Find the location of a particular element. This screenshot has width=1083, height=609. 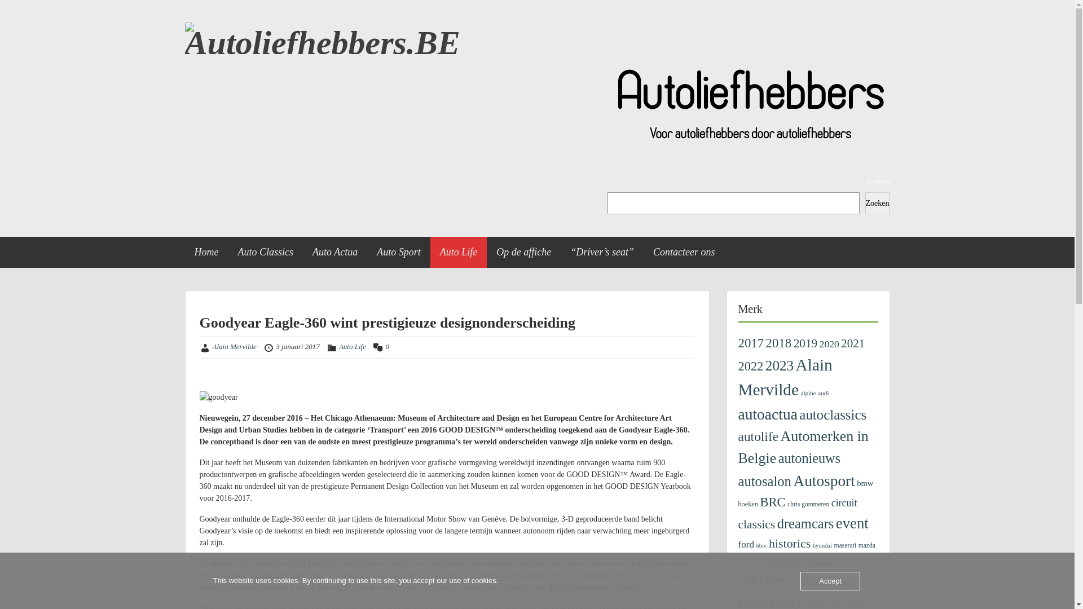

'Auto Life' is located at coordinates (351, 346).